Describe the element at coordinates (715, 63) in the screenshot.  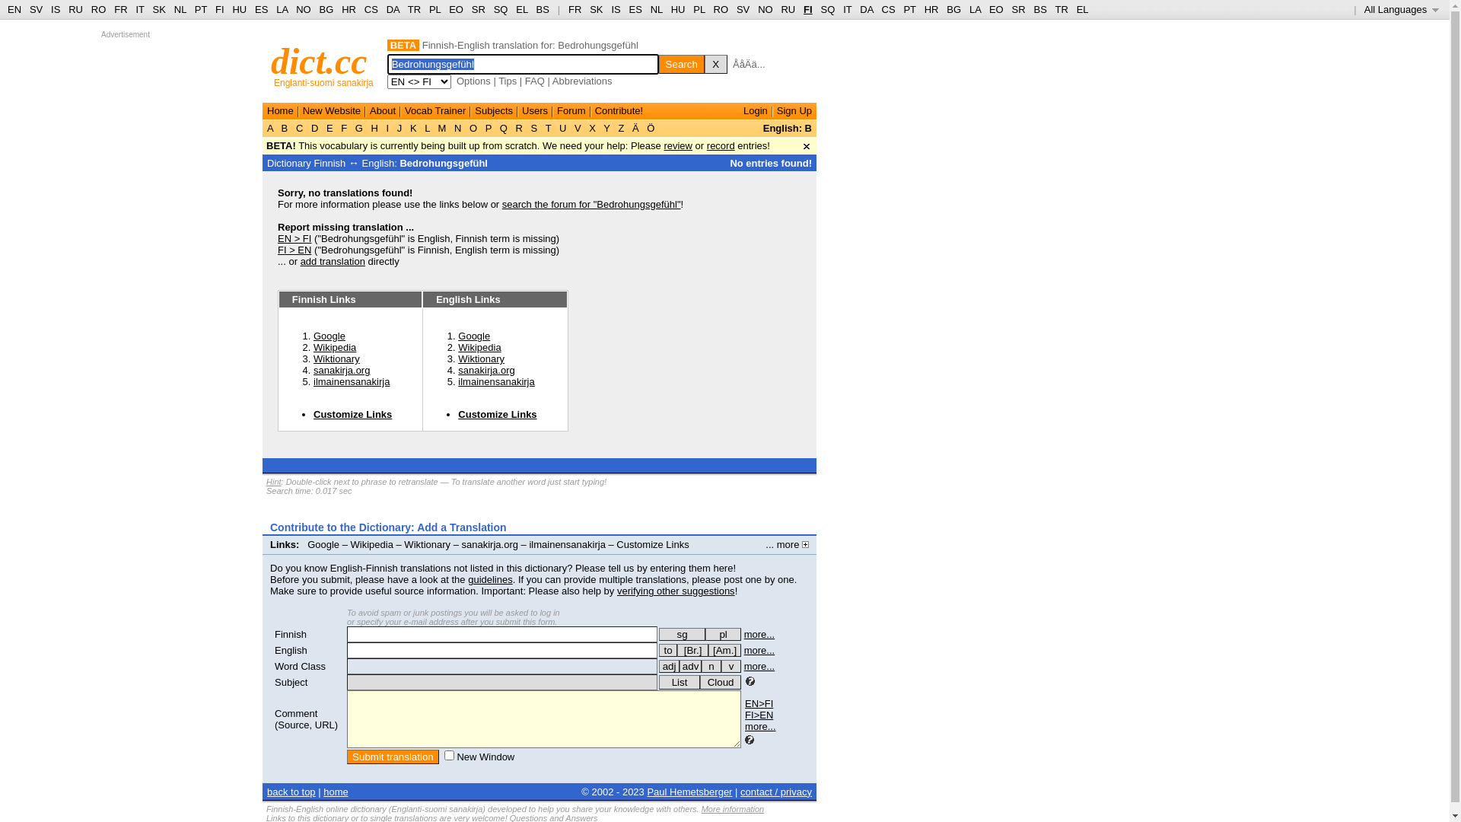
I see `'X'` at that location.